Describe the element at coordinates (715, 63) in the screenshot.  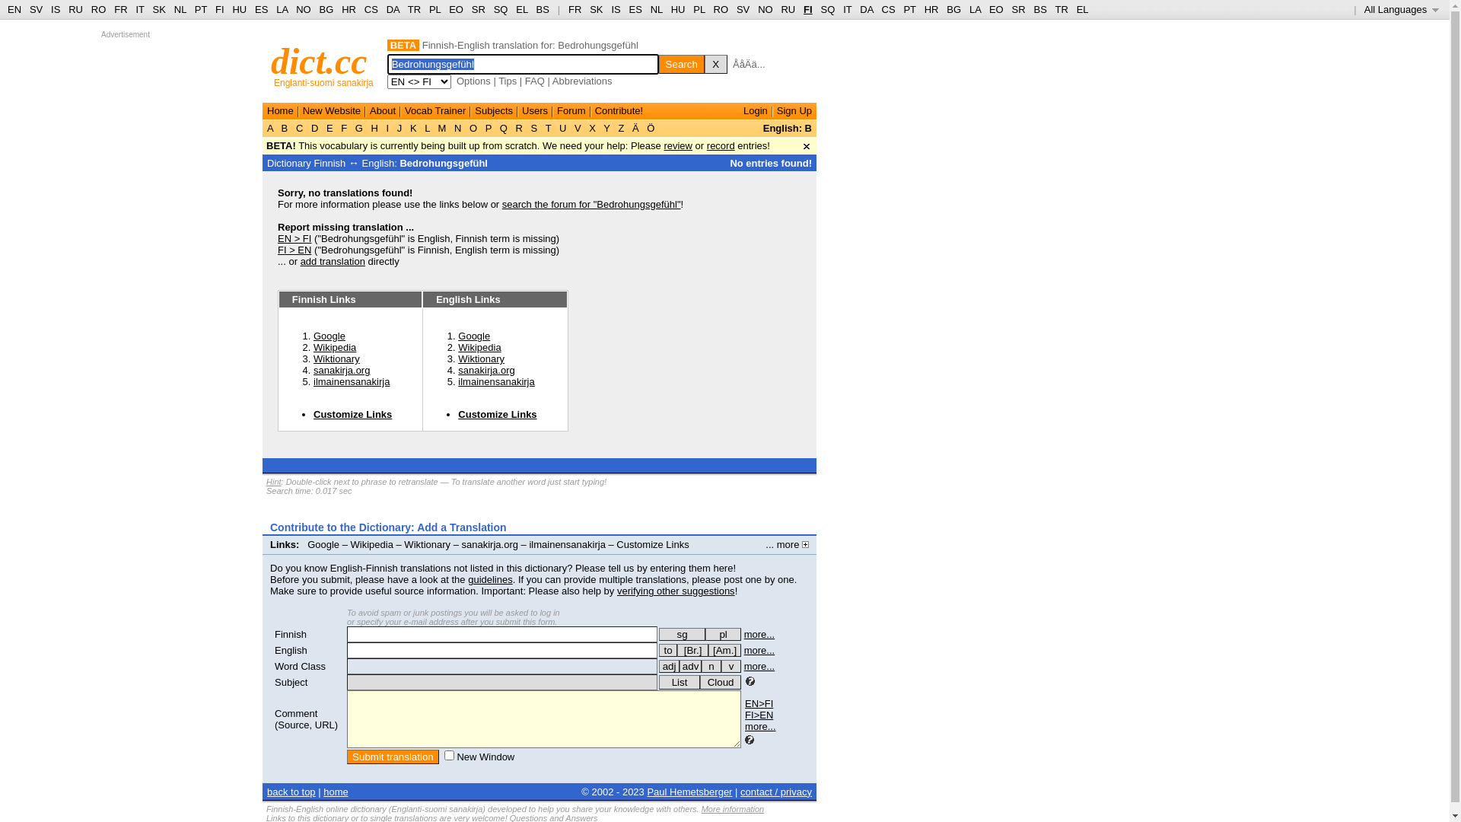
I see `'X'` at that location.